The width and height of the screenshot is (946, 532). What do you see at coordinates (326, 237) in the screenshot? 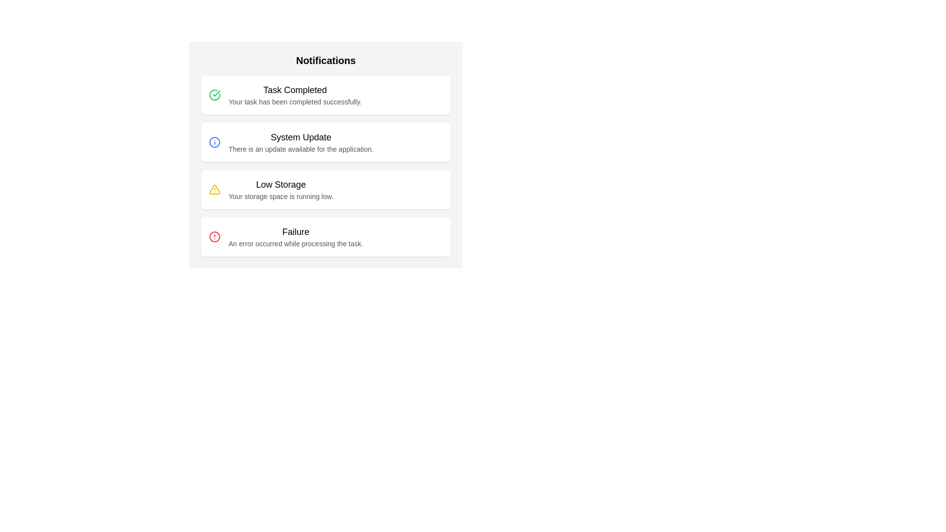
I see `error message displayed on the fourth notification card, which indicates a failure in a process or task` at bounding box center [326, 237].